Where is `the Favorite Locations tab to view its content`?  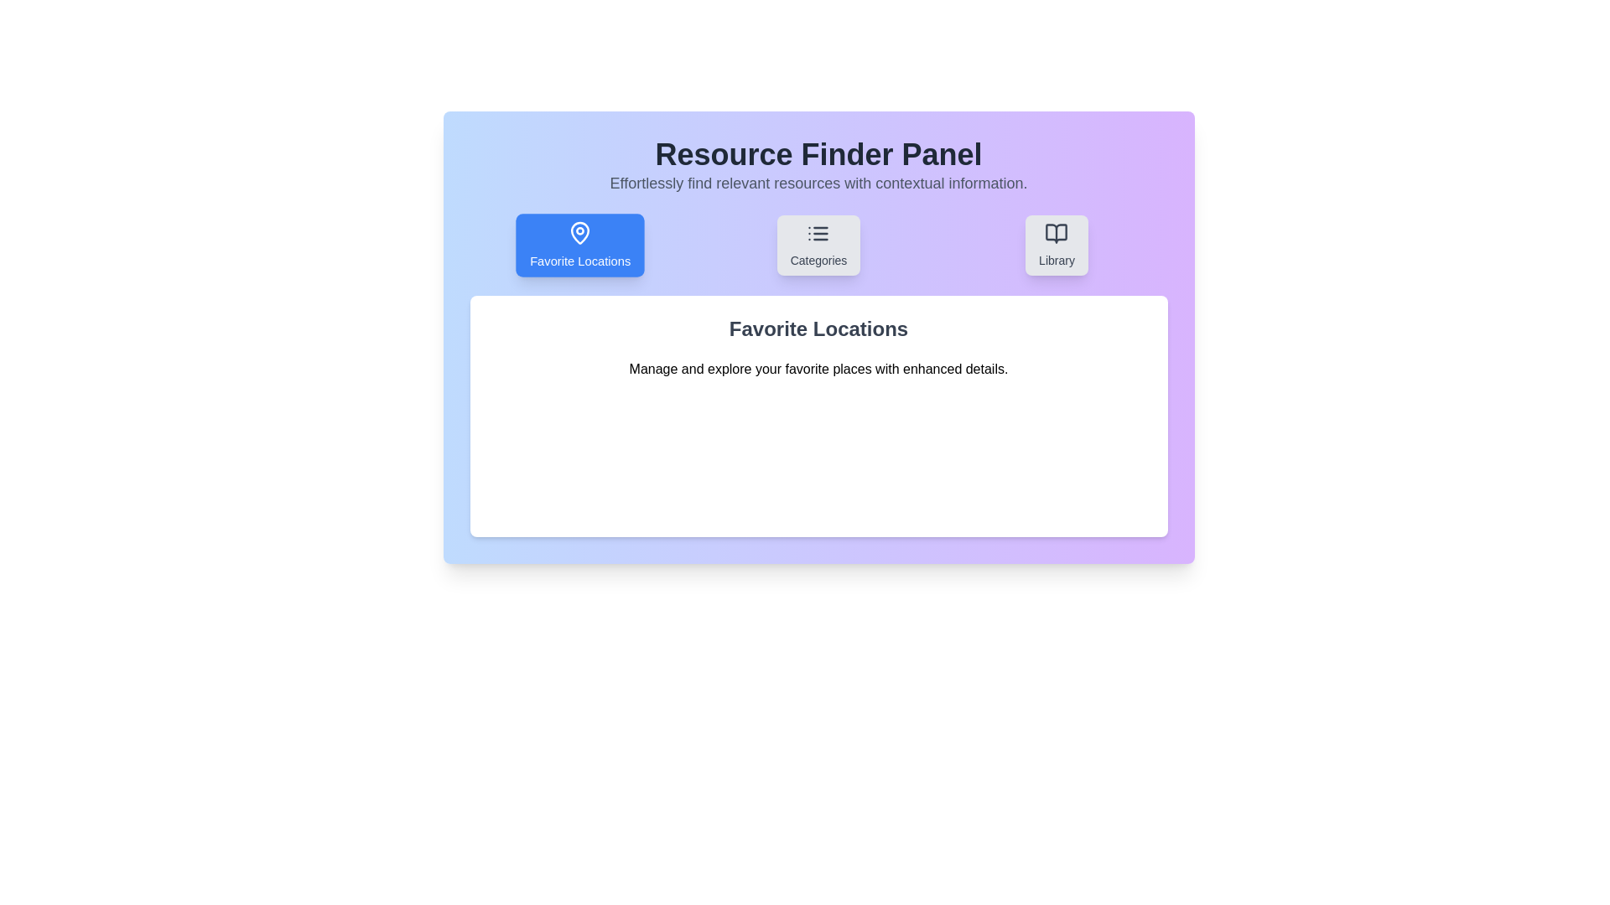
the Favorite Locations tab to view its content is located at coordinates (580, 246).